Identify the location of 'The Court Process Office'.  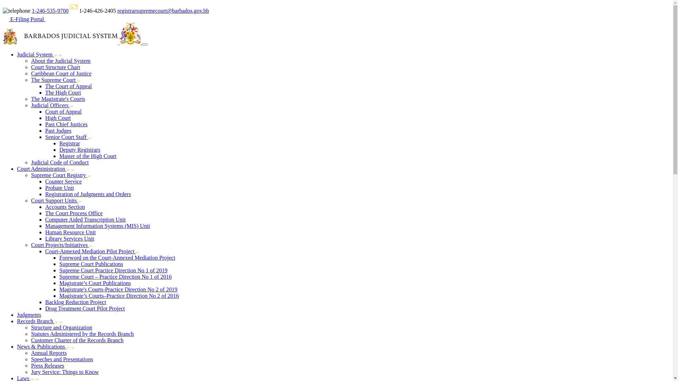
(74, 213).